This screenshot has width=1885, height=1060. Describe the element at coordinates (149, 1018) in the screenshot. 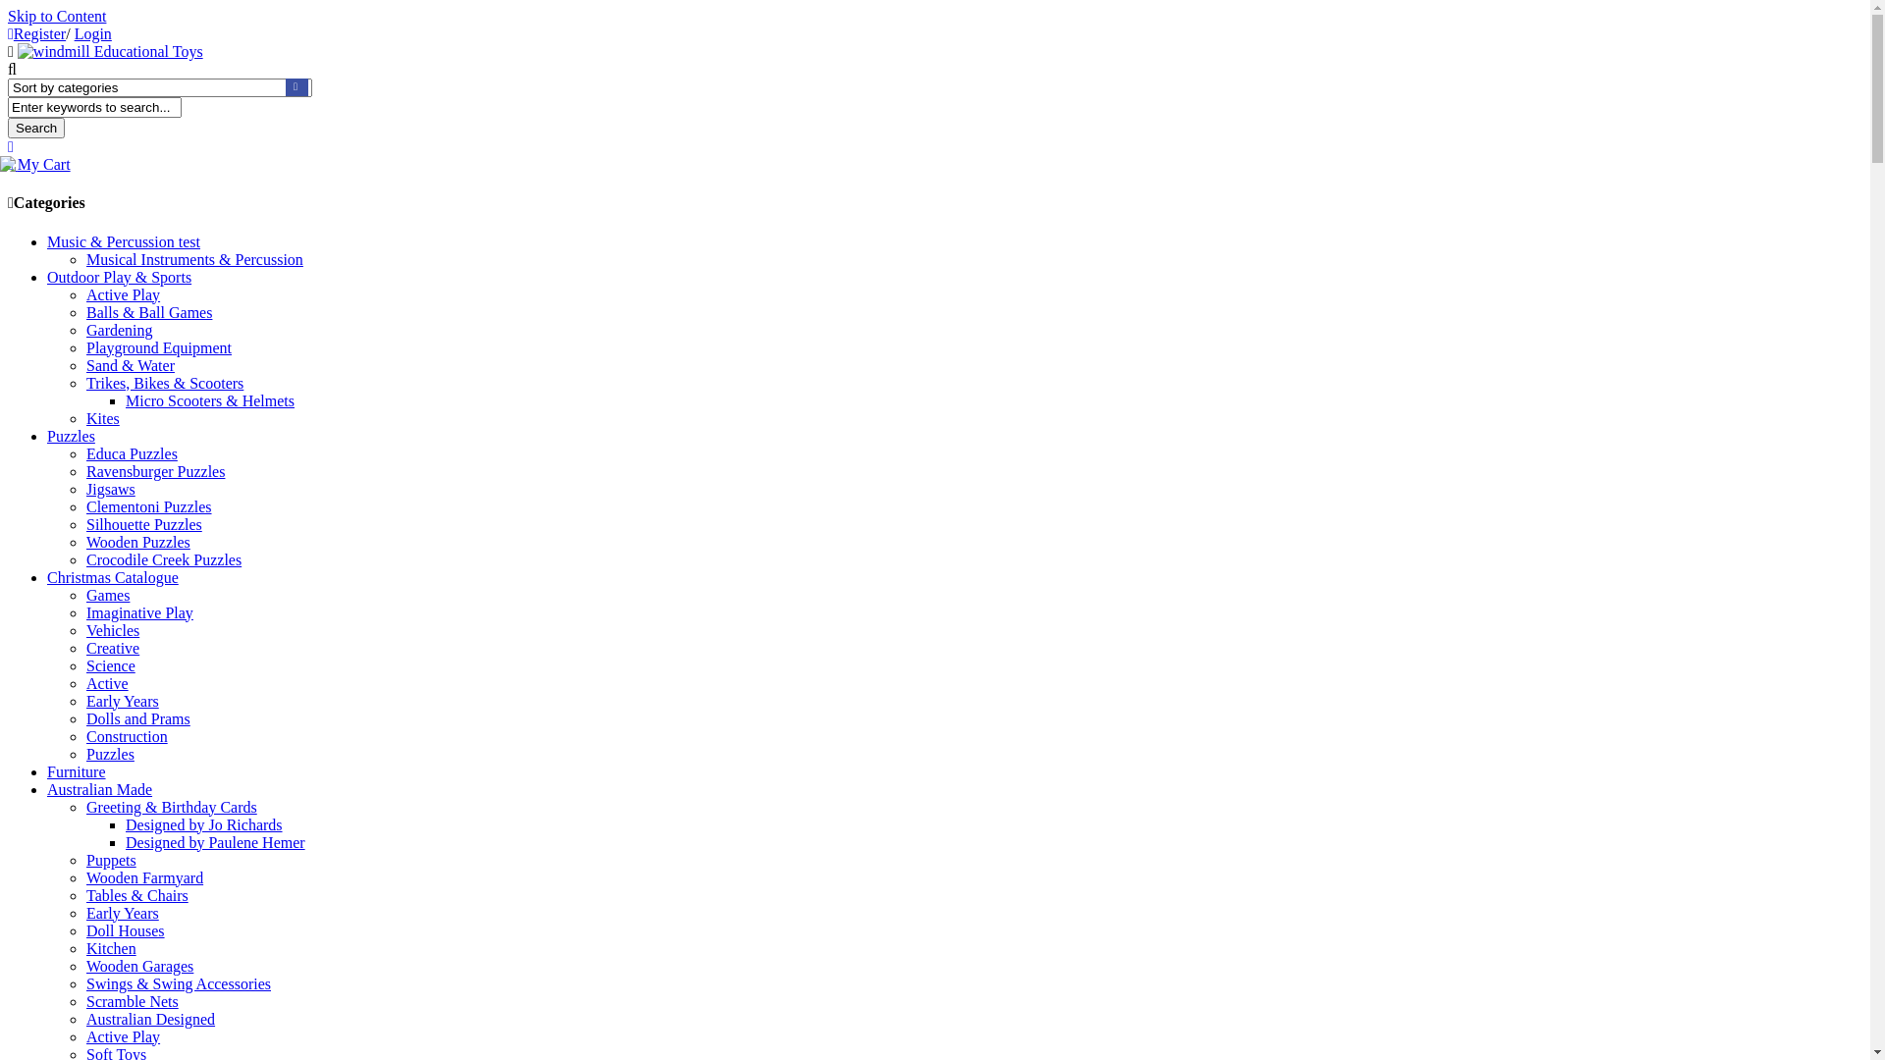

I see `'Australian Designed'` at that location.